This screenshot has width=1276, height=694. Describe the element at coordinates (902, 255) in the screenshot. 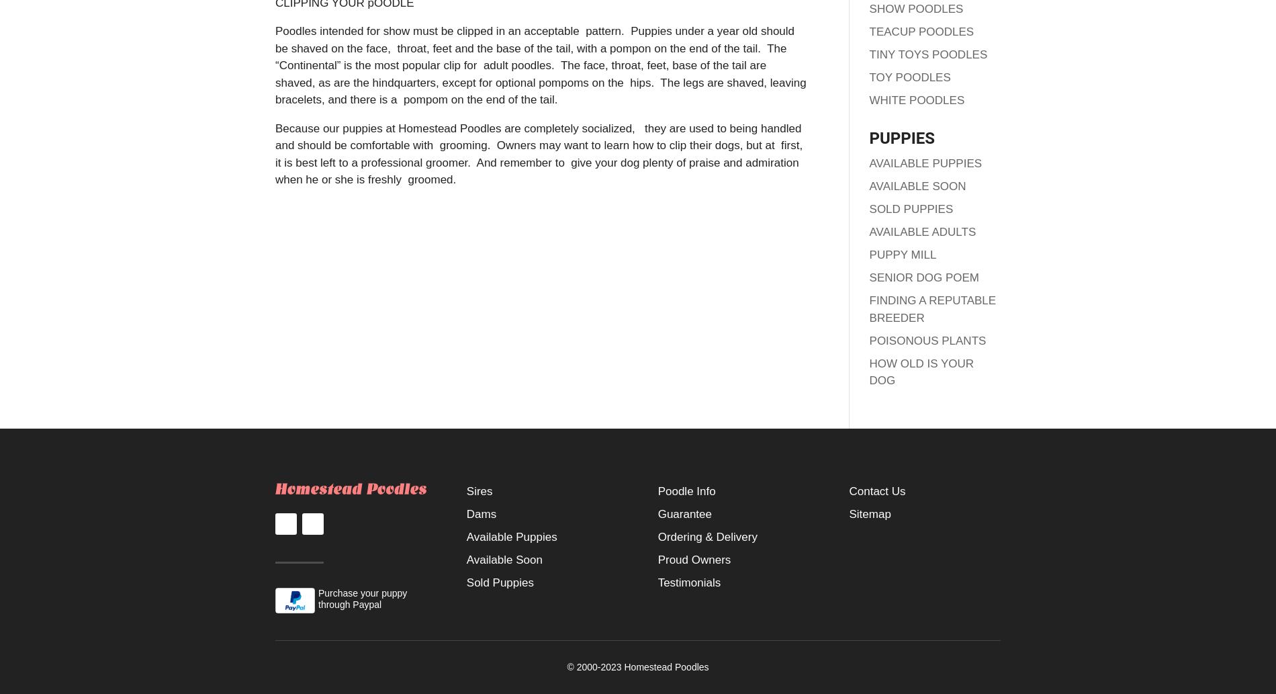

I see `'PUPPY MILL'` at that location.